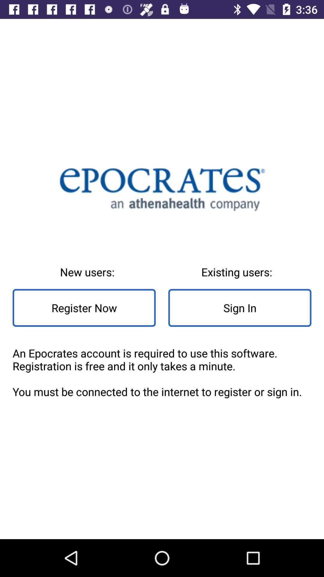 Image resolution: width=324 pixels, height=577 pixels. What do you see at coordinates (84, 308) in the screenshot?
I see `the item next to the existing users: icon` at bounding box center [84, 308].